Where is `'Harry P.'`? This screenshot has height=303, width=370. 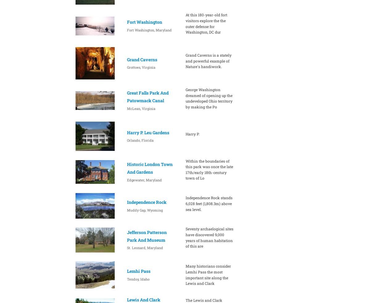
'Harry P.' is located at coordinates (192, 134).